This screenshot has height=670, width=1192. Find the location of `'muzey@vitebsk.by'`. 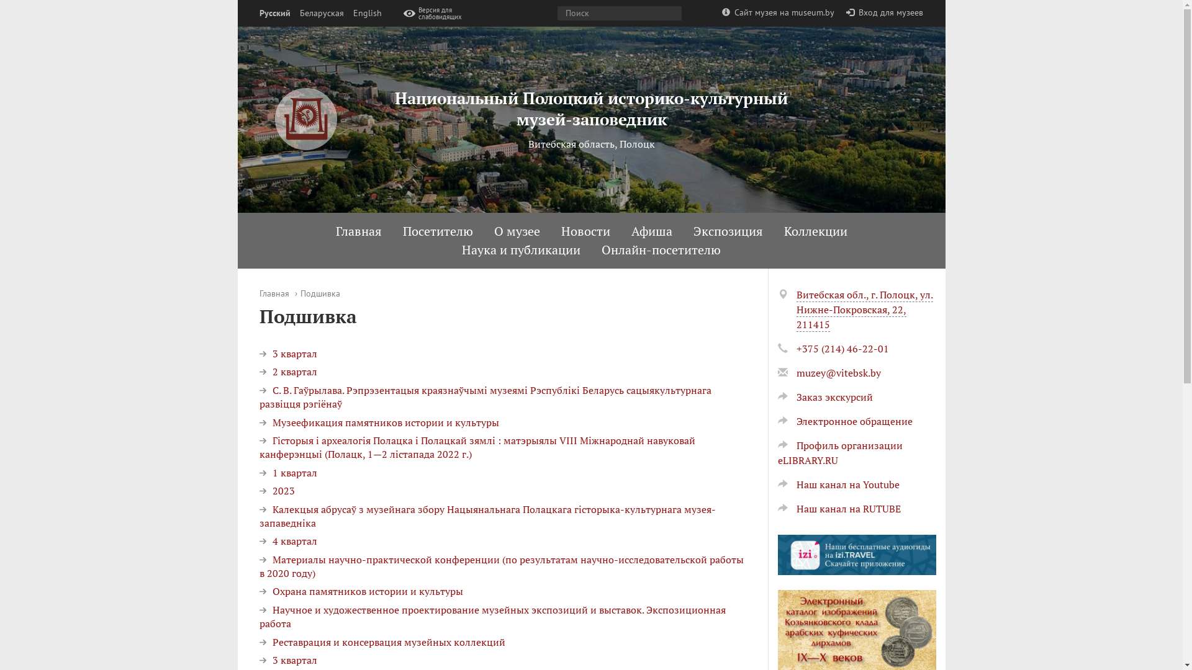

'muzey@vitebsk.by' is located at coordinates (838, 372).